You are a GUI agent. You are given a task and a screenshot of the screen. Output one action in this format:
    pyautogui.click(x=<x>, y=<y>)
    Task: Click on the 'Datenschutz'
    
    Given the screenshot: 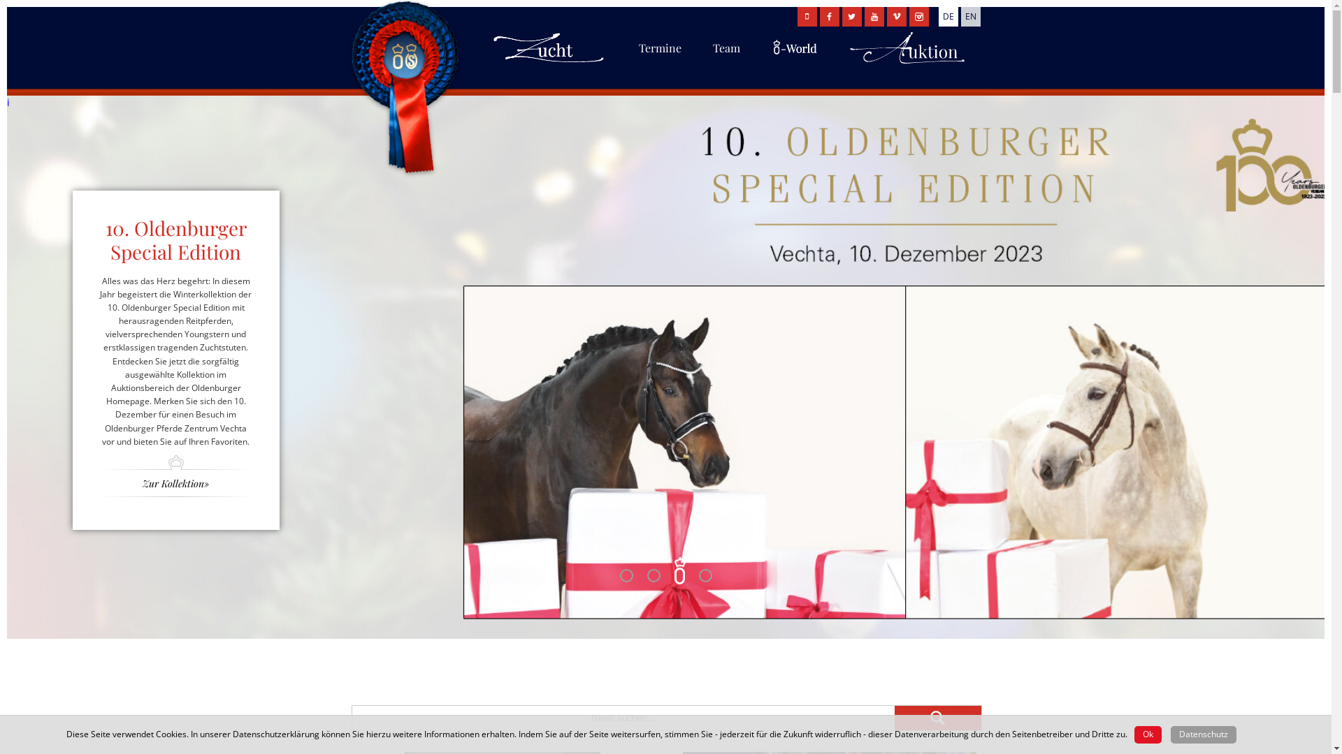 What is the action you would take?
    pyautogui.click(x=1203, y=734)
    